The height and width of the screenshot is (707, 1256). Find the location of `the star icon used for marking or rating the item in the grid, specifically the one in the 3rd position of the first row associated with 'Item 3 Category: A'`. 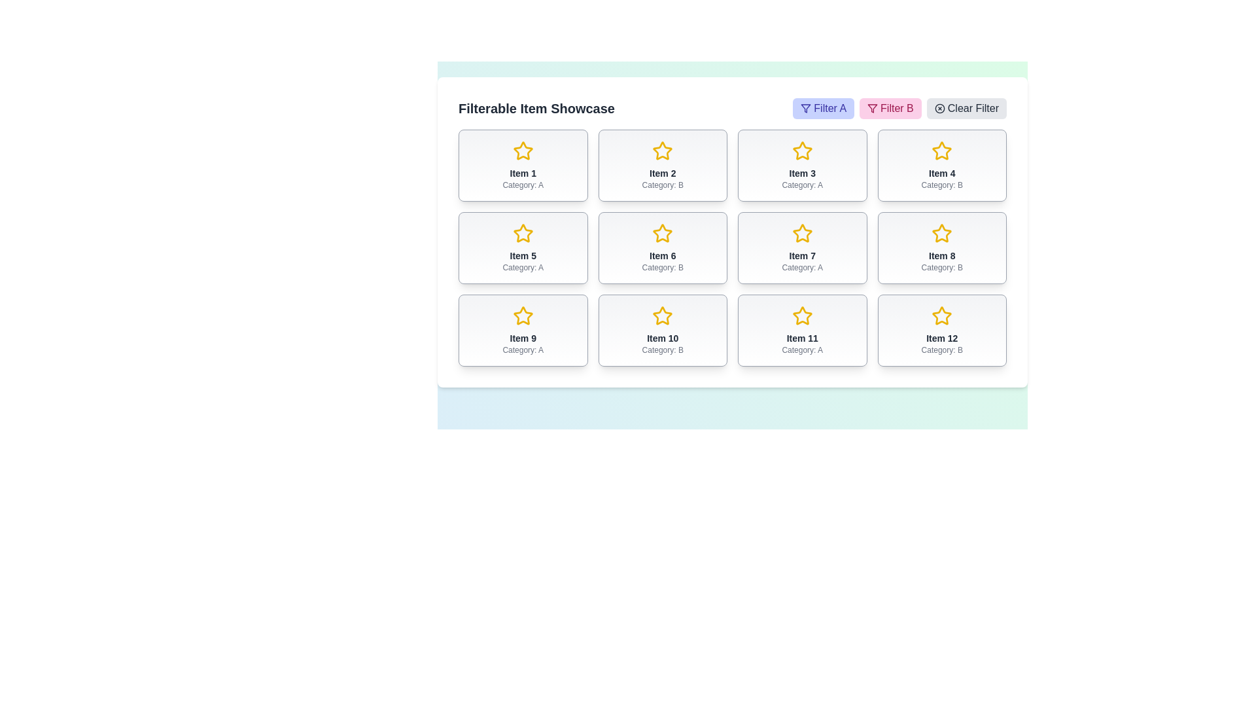

the star icon used for marking or rating the item in the grid, specifically the one in the 3rd position of the first row associated with 'Item 3 Category: A' is located at coordinates (801, 150).